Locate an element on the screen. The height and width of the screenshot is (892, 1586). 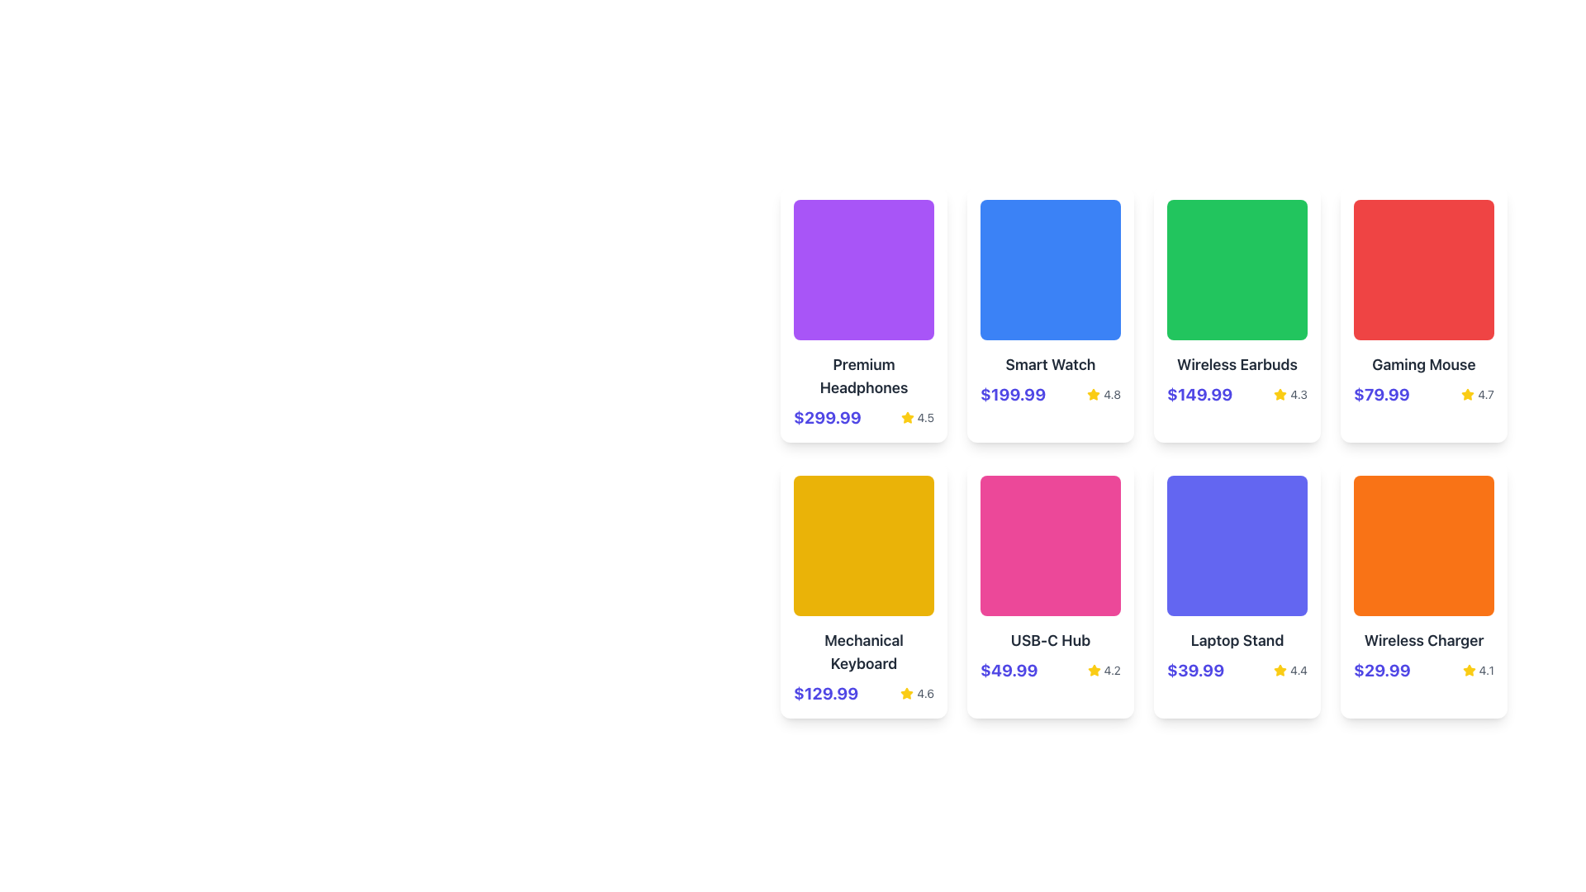
the prominent text label displaying '$199.99' in indigo blue, located just below the 'Smart Watch' label and to the left of the rating component is located at coordinates (1012, 395).